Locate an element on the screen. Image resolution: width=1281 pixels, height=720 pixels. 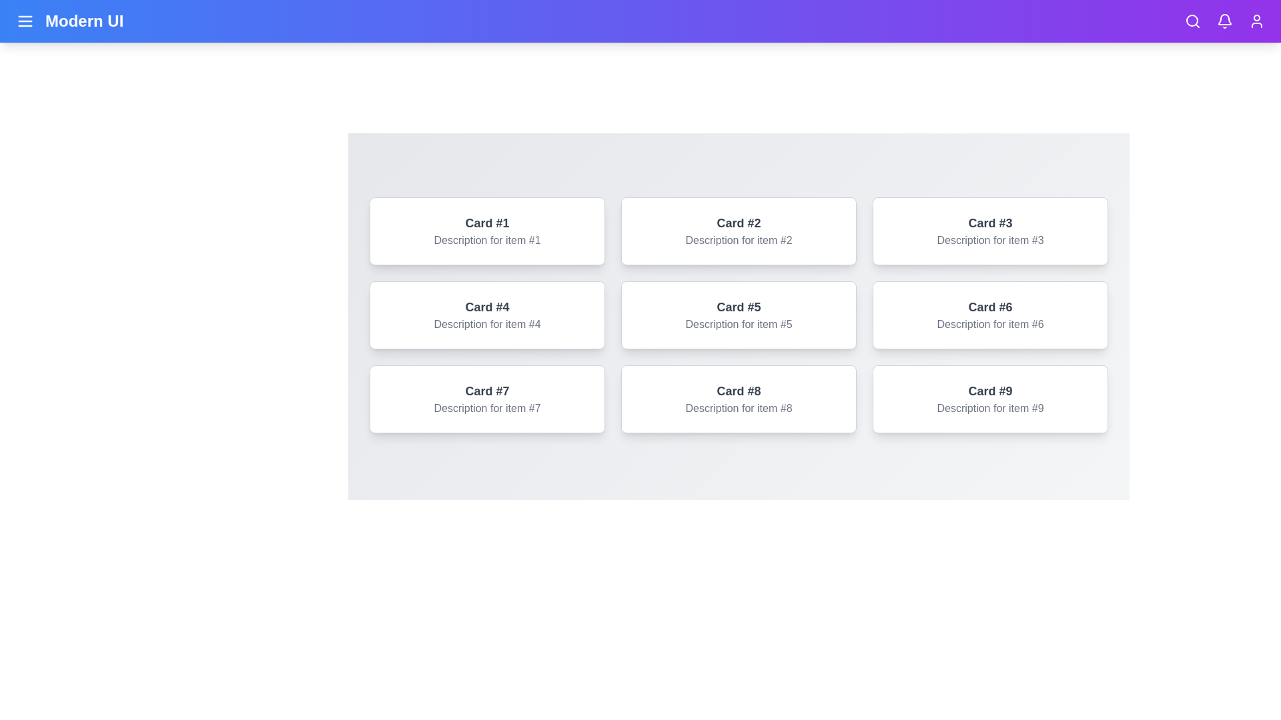
the search icon in the navigation bar is located at coordinates (1193, 21).